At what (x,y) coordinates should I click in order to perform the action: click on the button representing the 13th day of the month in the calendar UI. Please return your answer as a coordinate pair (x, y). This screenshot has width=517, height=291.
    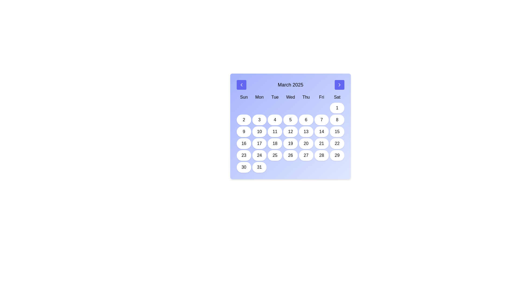
    Looking at the image, I should click on (306, 132).